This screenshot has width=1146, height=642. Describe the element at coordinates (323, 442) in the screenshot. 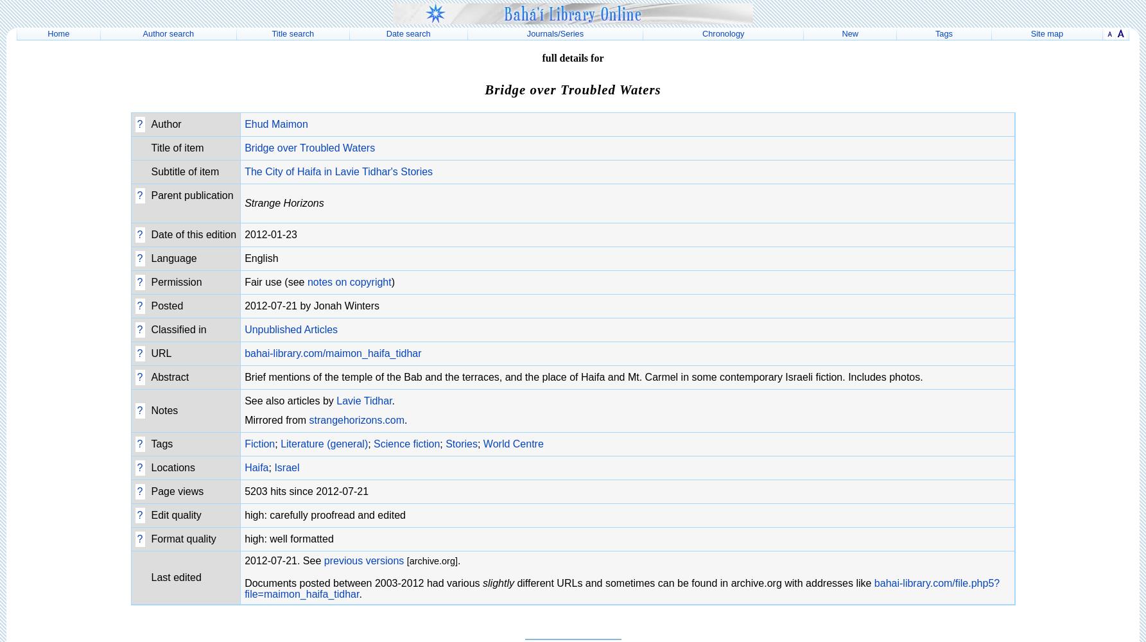

I see `'Literature (general)'` at that location.